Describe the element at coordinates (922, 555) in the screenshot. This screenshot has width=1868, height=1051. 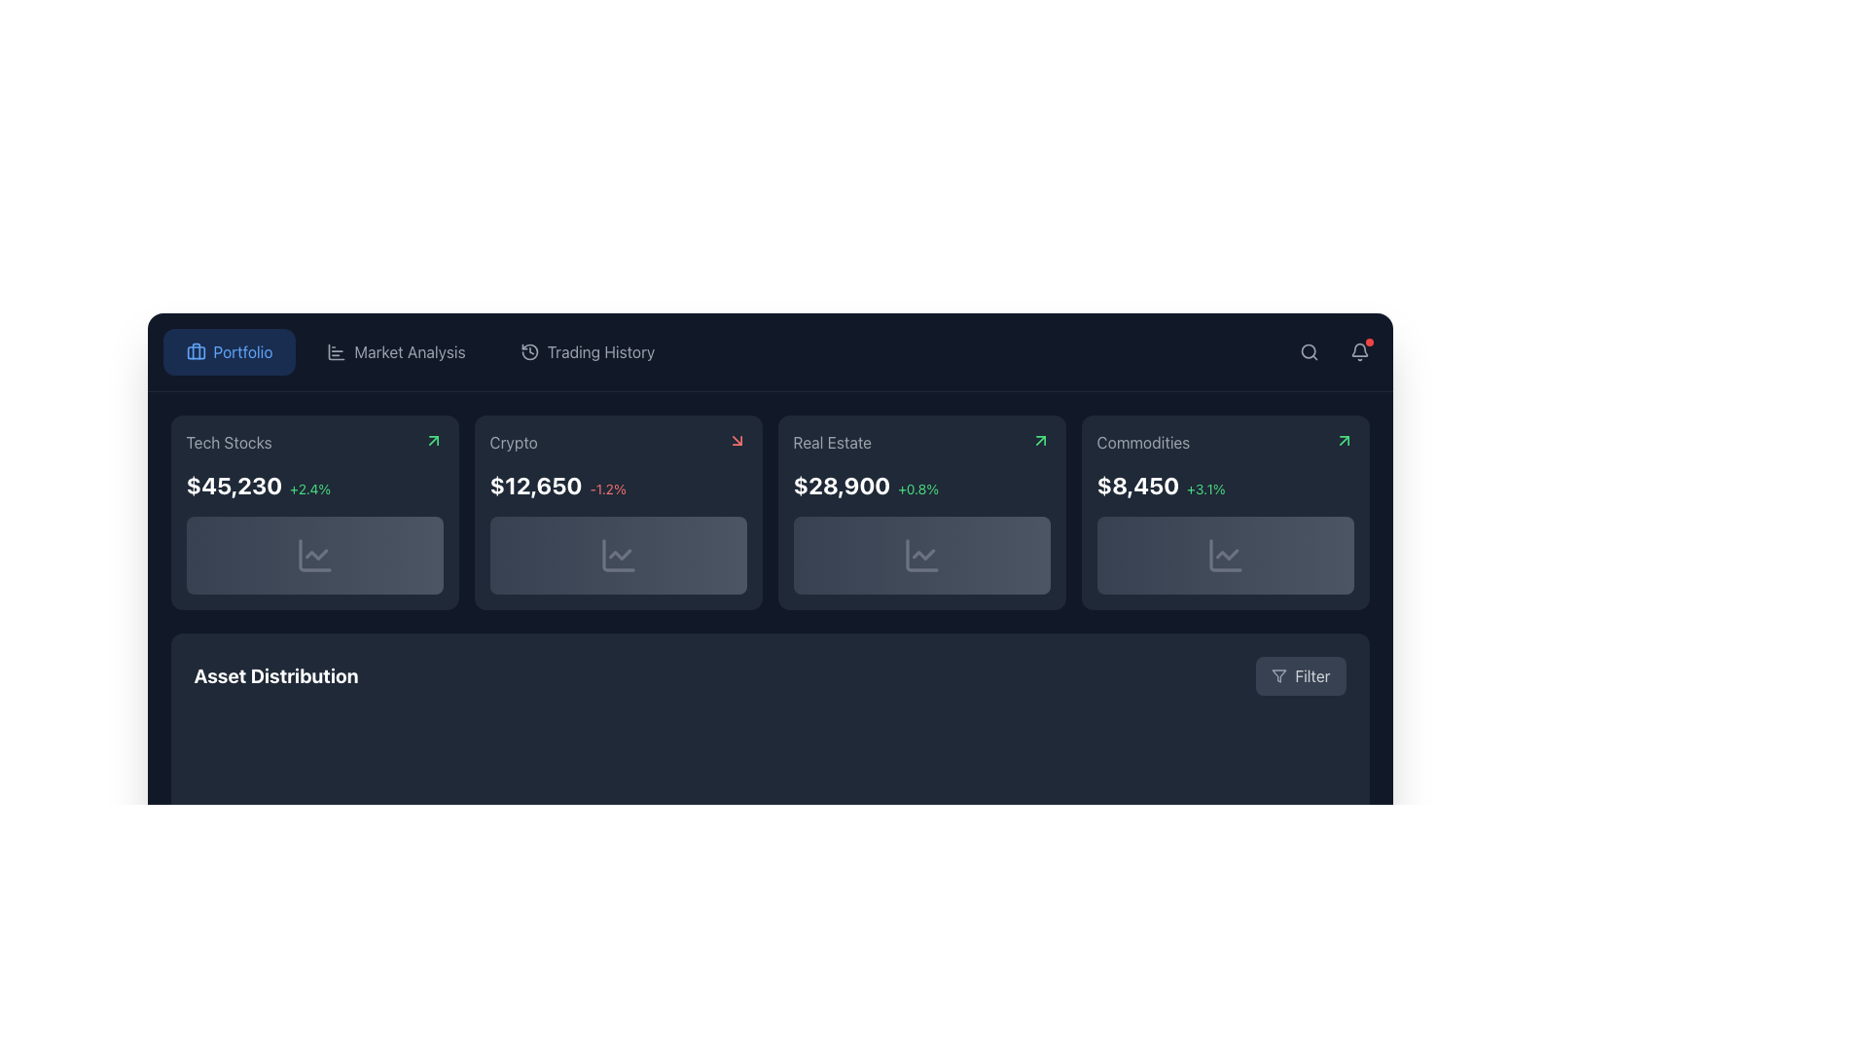
I see `the line chart icon located in the lower section of the 'Real Estate' card, which is the third card from the left in the row of four summary cards` at that location.